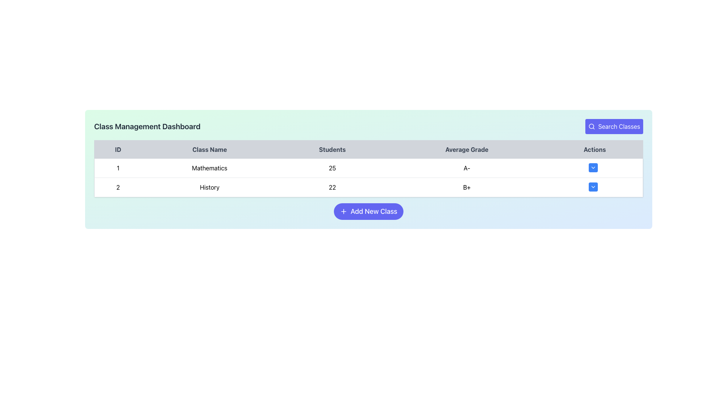  Describe the element at coordinates (209, 187) in the screenshot. I see `the 'History' text label located in the second row of the table under the 'Class Name' column` at that location.